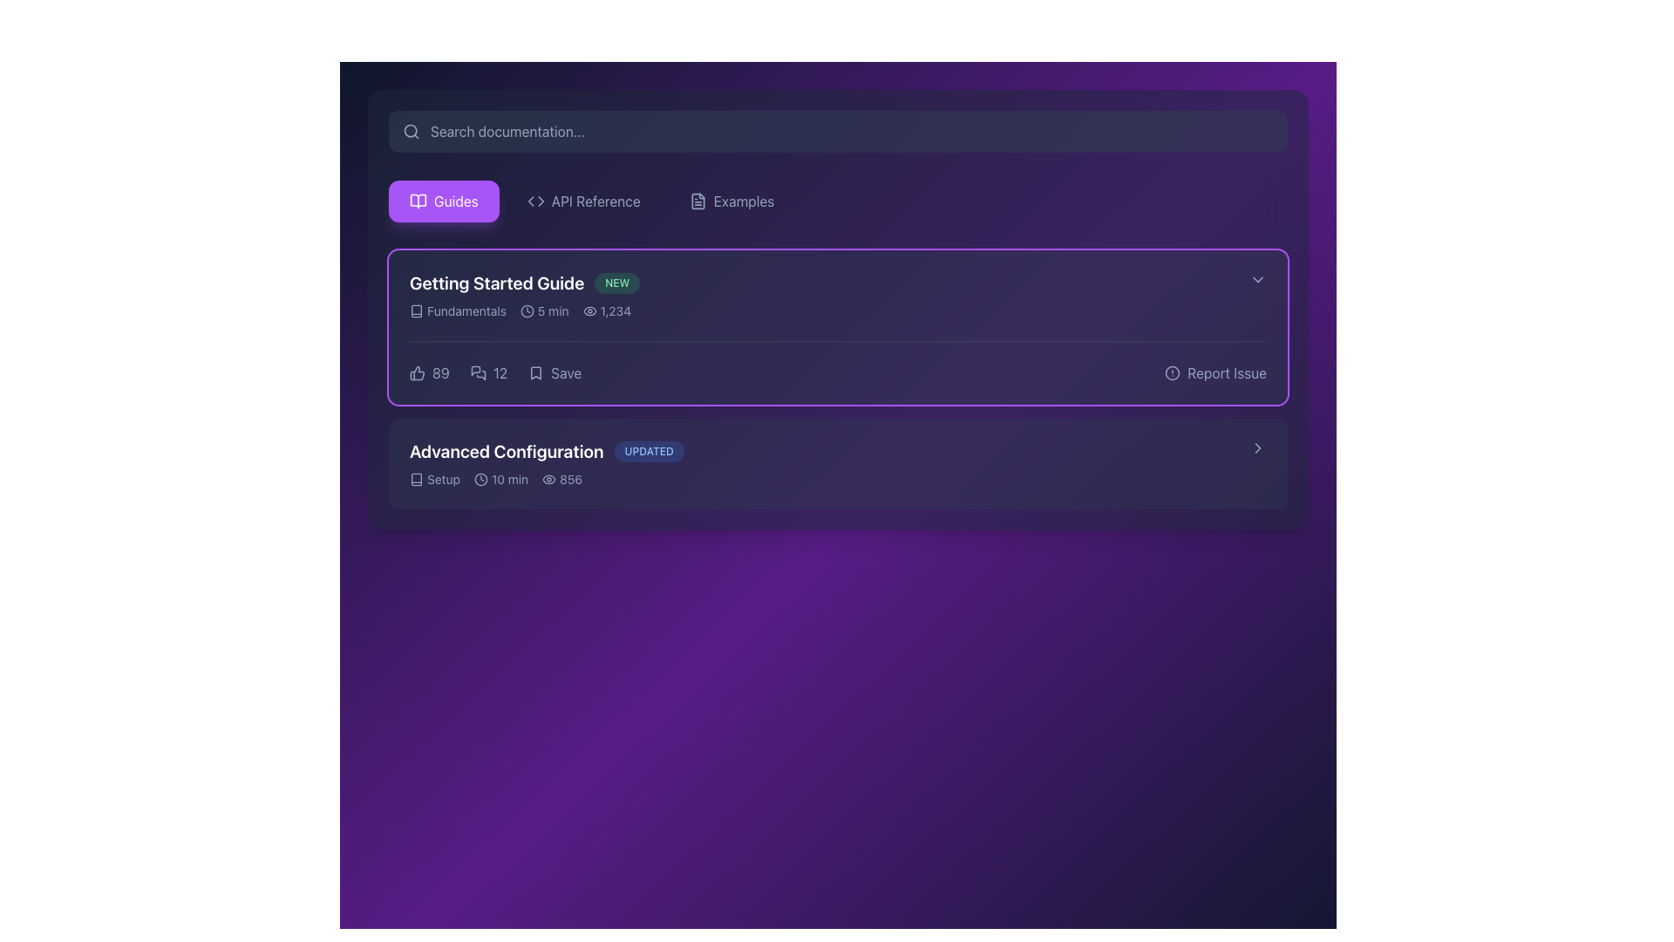 The height and width of the screenshot is (942, 1674). What do you see at coordinates (1258, 278) in the screenshot?
I see `the right-chevron icon styled in light gray located at the far-right edge of the 'Getting Started Guide' title bar` at bounding box center [1258, 278].